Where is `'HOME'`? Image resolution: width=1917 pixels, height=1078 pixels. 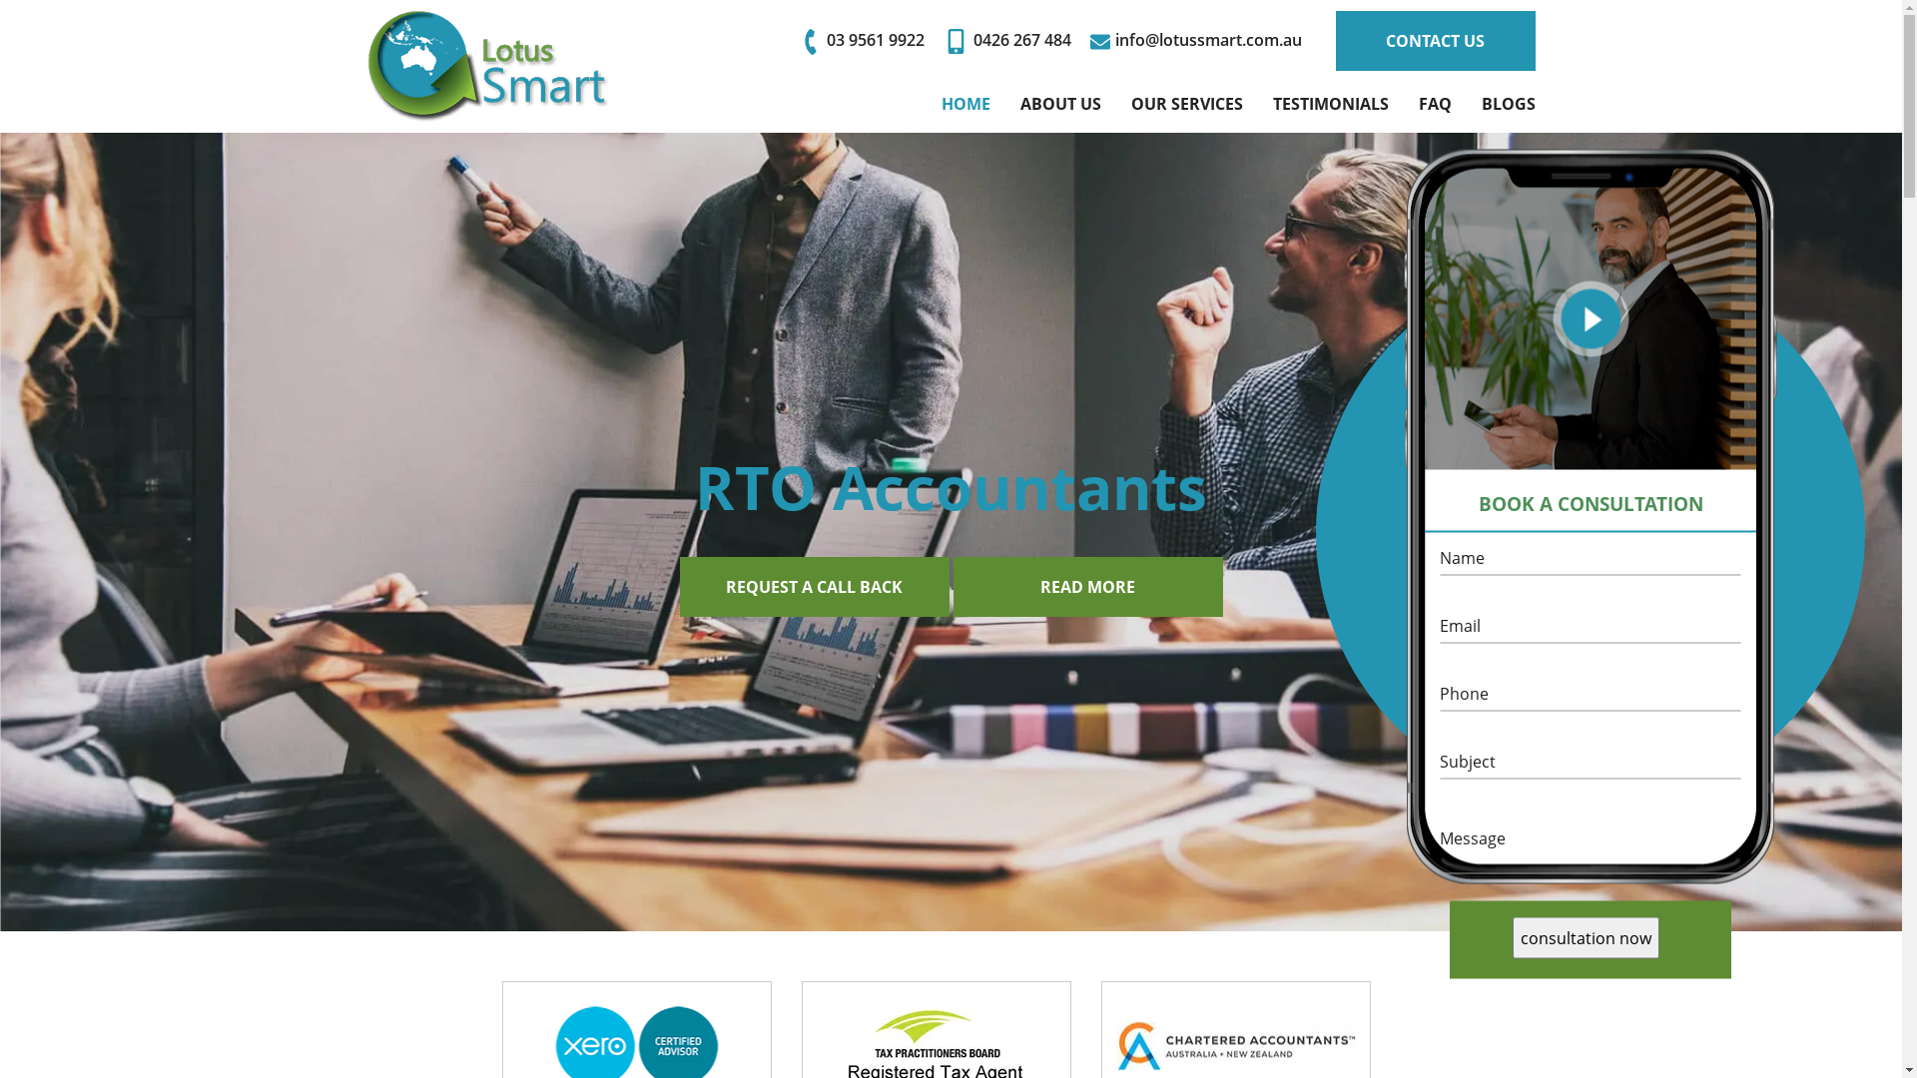 'HOME' is located at coordinates (964, 104).